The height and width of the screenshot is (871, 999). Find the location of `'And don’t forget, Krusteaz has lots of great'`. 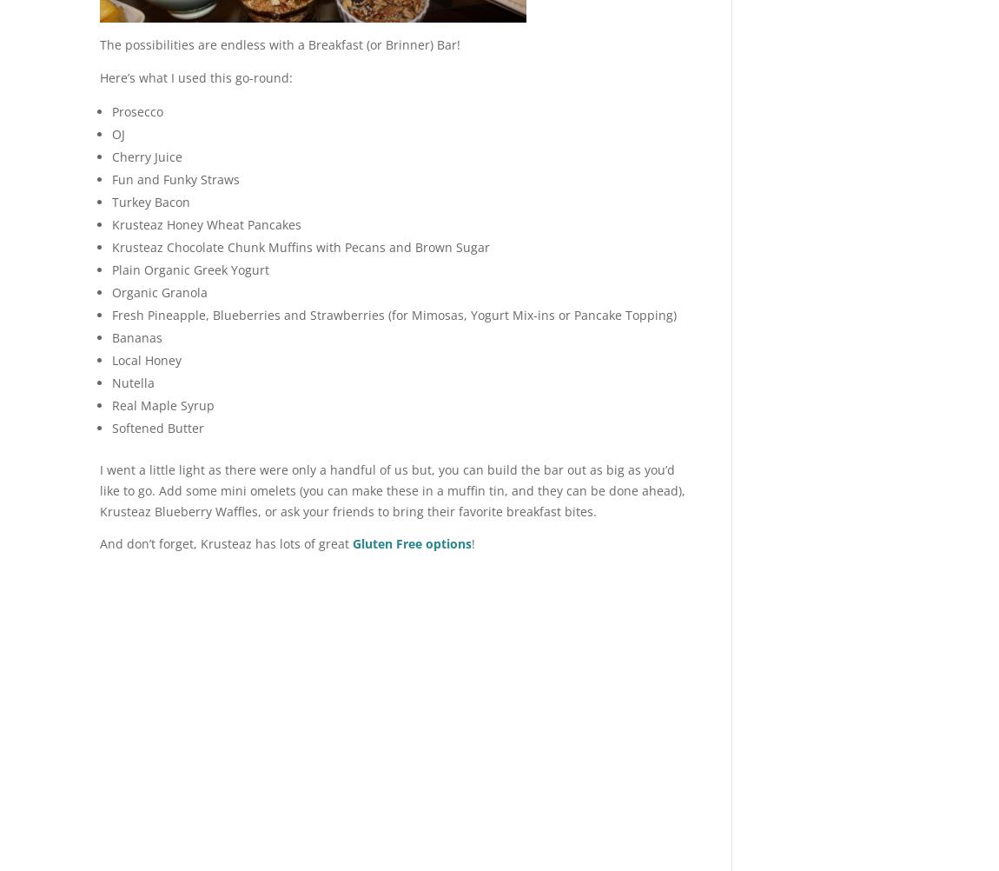

'And don’t forget, Krusteaz has lots of great' is located at coordinates (225, 542).